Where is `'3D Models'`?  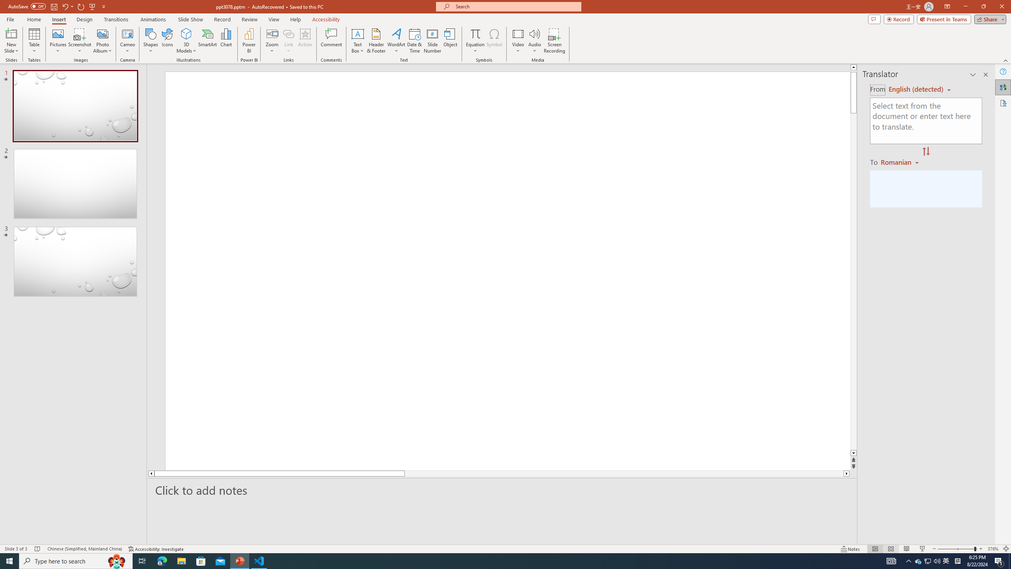
'3D Models' is located at coordinates (186, 41).